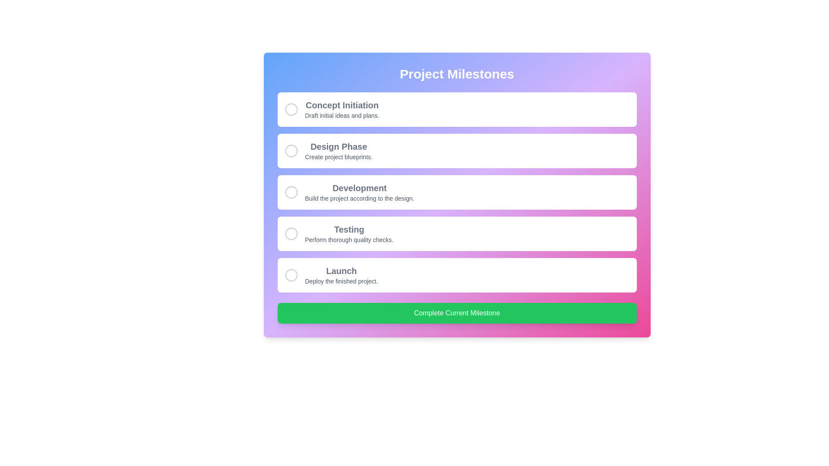  I want to click on the static text that provides additional contextual information about the 'Design Phase' milestone in the project timeline, so click(338, 157).